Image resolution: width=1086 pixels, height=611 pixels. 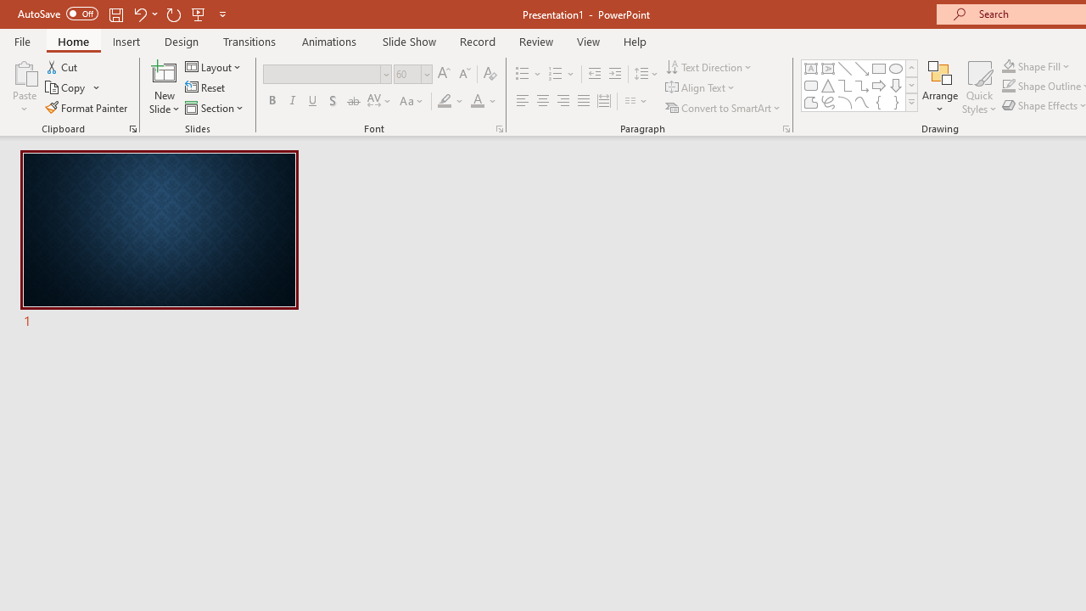 What do you see at coordinates (205, 87) in the screenshot?
I see `'Reset'` at bounding box center [205, 87].